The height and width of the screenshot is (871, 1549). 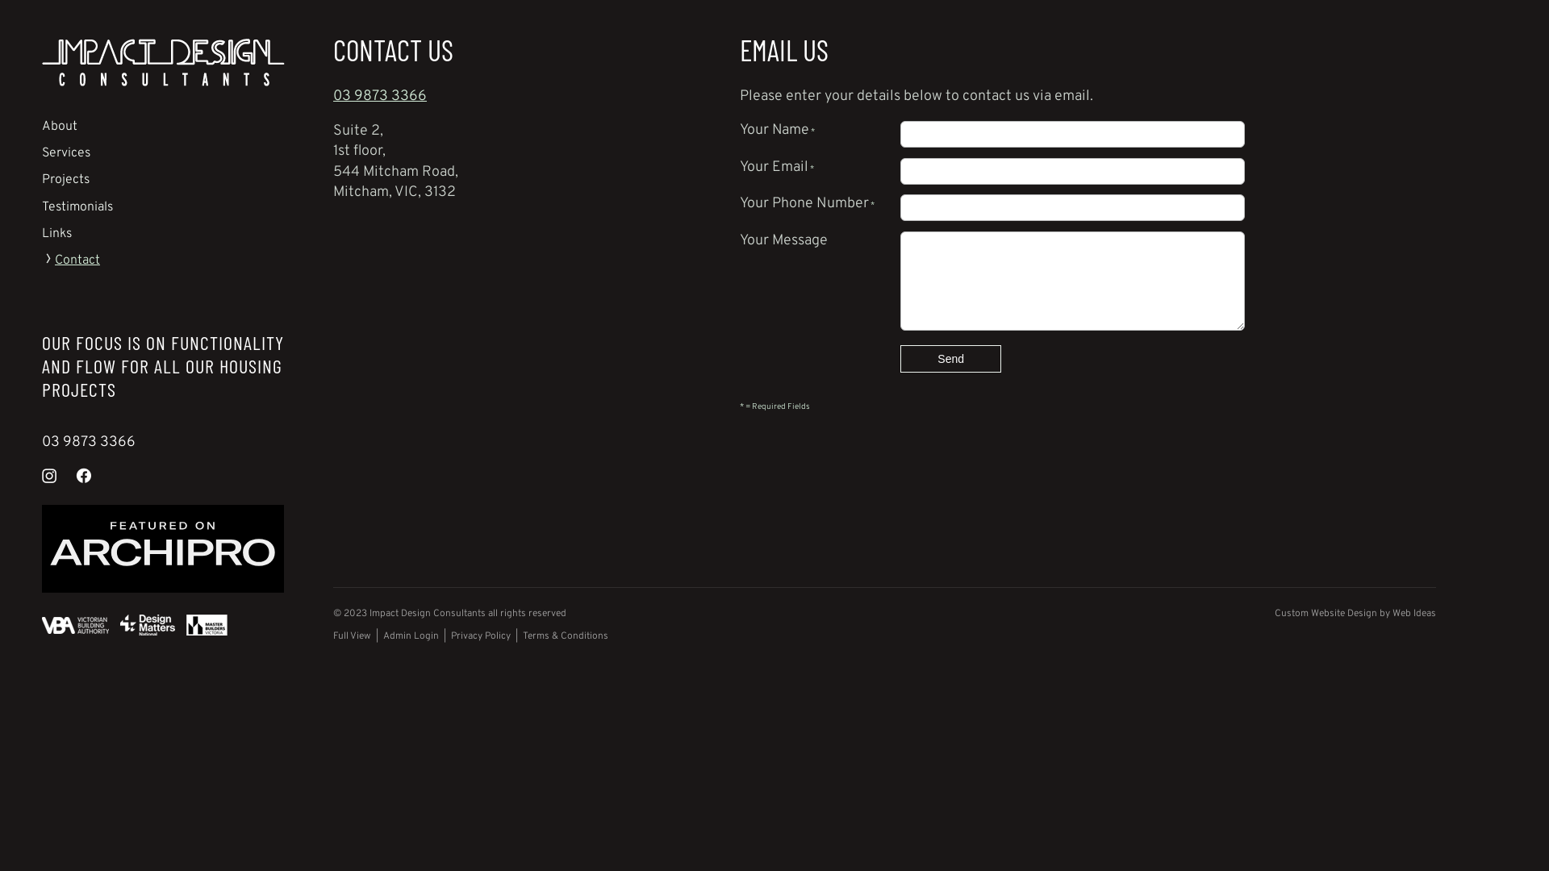 What do you see at coordinates (378, 96) in the screenshot?
I see `'03 9873 3366'` at bounding box center [378, 96].